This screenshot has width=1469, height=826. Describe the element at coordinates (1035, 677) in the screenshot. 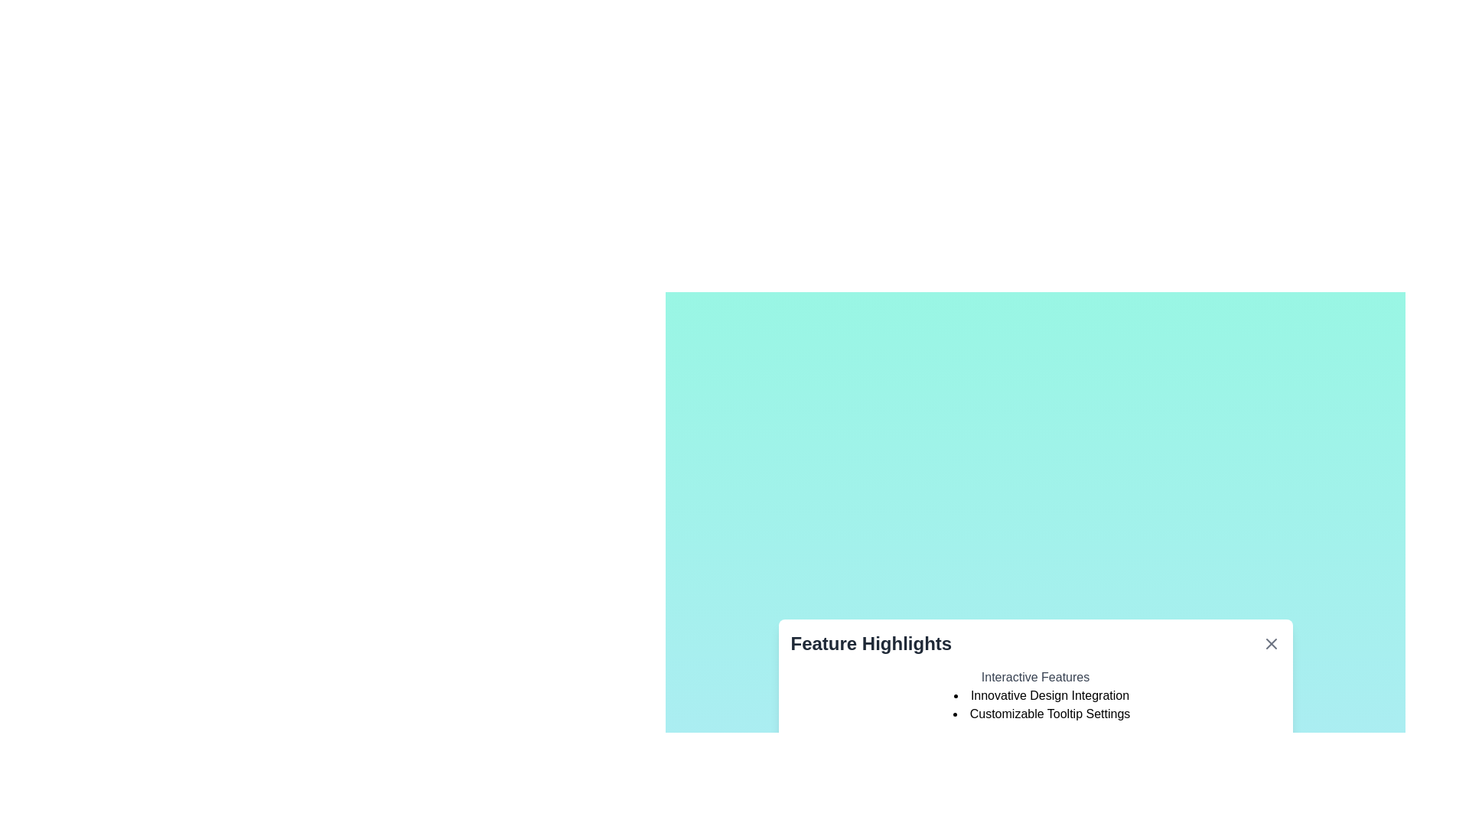

I see `the 'Interactive Features' text label, which is styled with a muted gray font color and medium font weight, positioned at the top of the content group within the modal interface` at that location.